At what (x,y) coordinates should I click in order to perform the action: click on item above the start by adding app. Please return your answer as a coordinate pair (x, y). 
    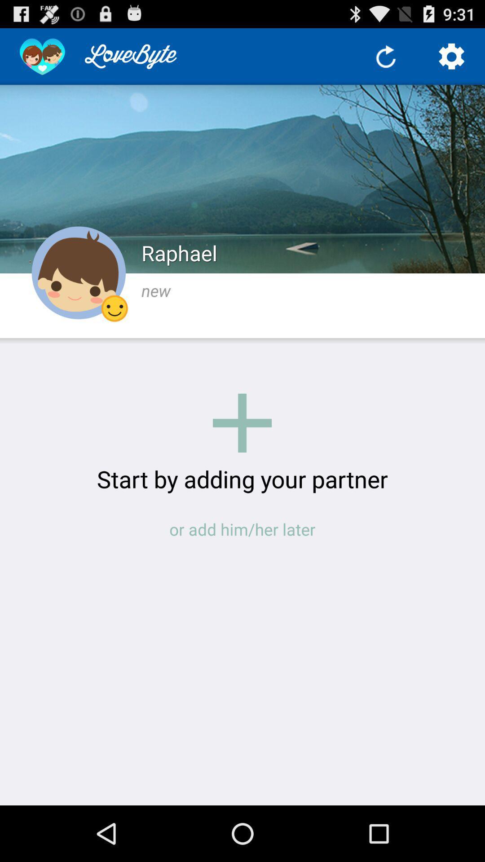
    Looking at the image, I should click on (242, 422).